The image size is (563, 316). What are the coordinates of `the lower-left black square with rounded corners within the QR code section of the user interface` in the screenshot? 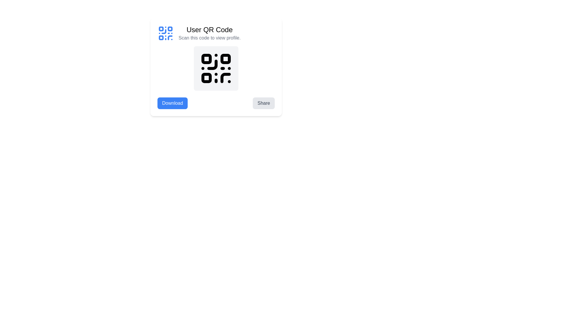 It's located at (206, 78).